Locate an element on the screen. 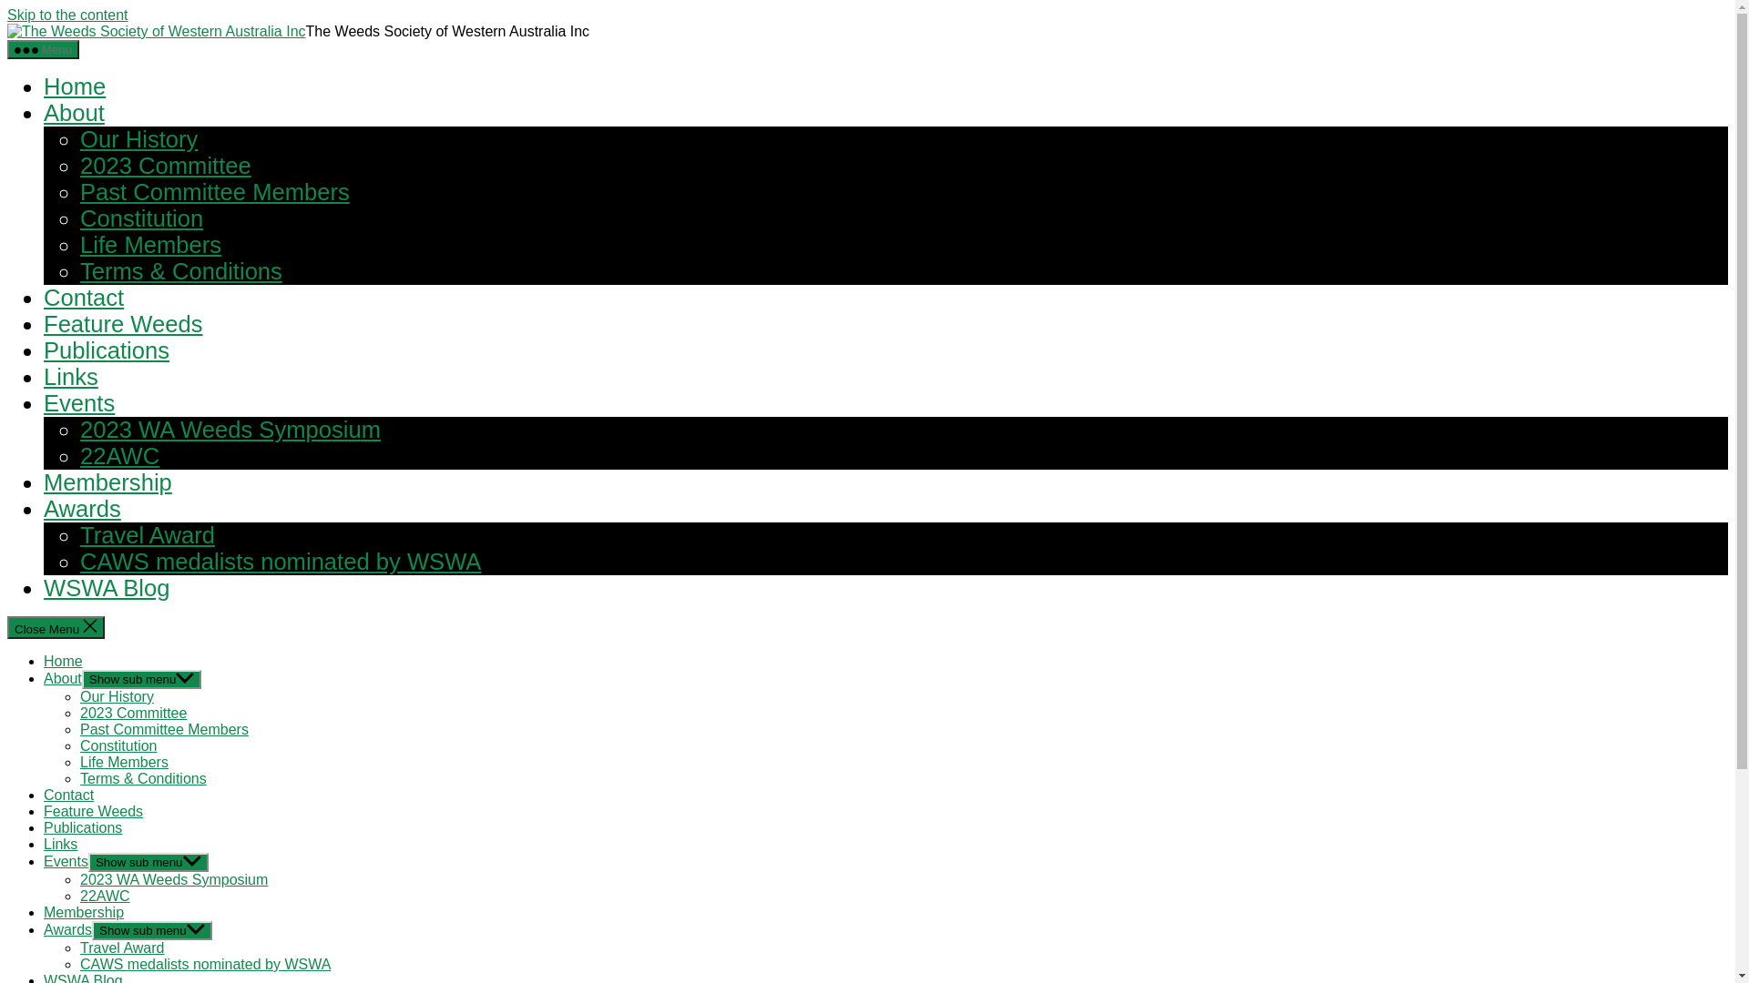 The width and height of the screenshot is (1749, 983). 'Membership' is located at coordinates (82, 912).